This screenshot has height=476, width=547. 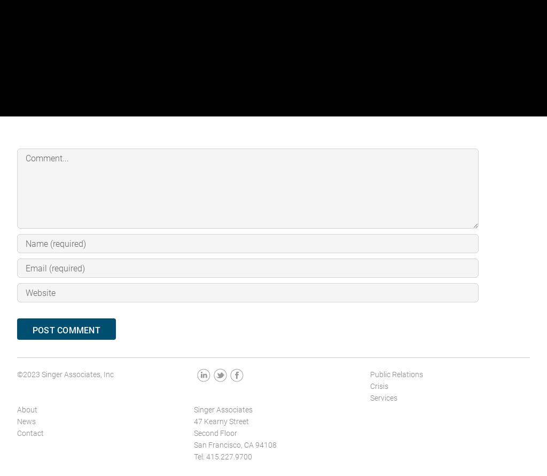 I want to click on 'Contact', so click(x=30, y=432).